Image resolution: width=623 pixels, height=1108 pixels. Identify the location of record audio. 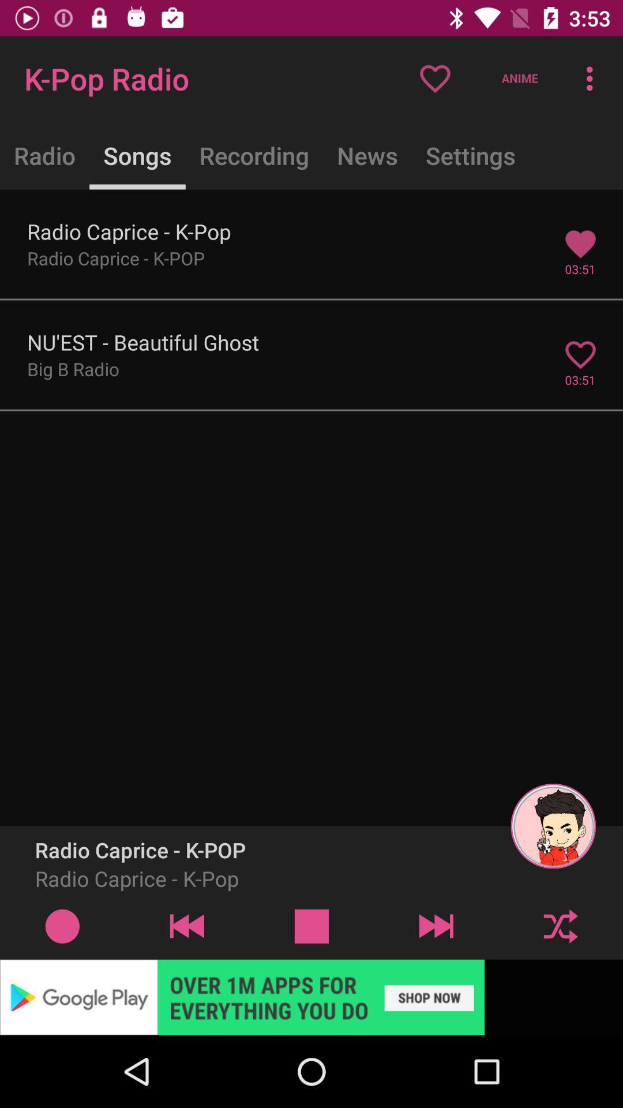
(62, 926).